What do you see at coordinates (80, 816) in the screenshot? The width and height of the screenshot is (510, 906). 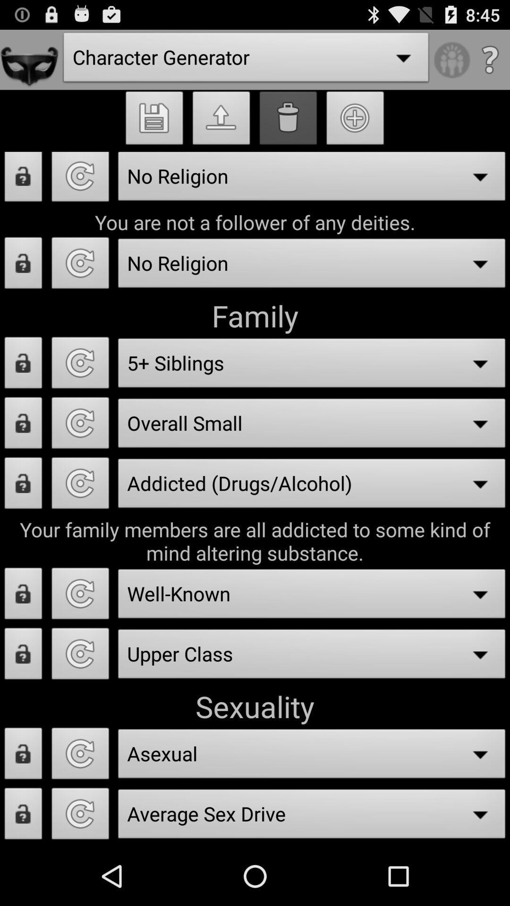 I see `average sex drive` at bounding box center [80, 816].